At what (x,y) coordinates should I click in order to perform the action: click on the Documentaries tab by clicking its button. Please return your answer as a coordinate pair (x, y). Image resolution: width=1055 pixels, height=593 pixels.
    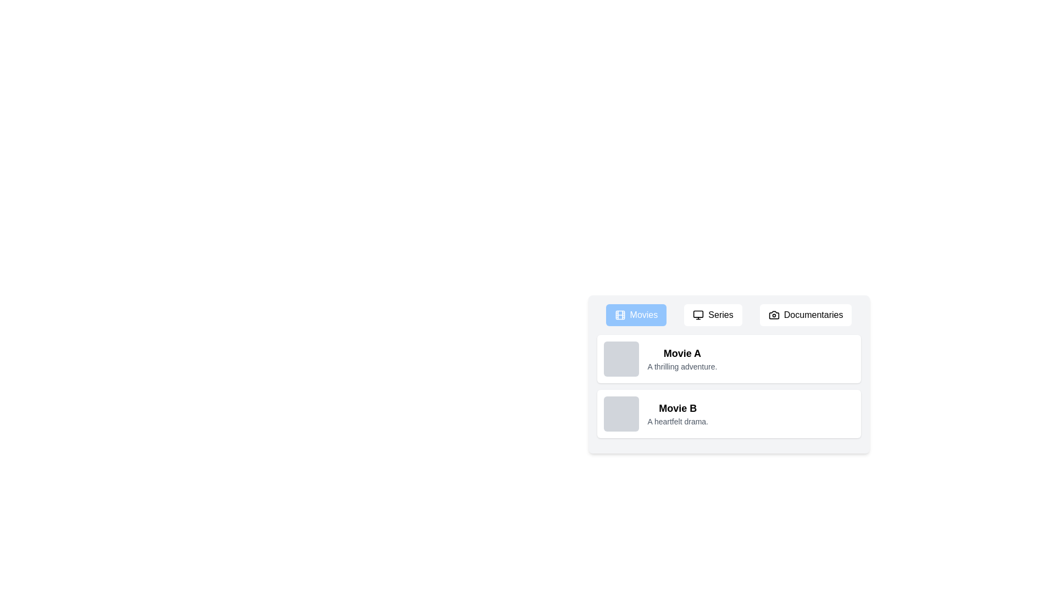
    Looking at the image, I should click on (806, 315).